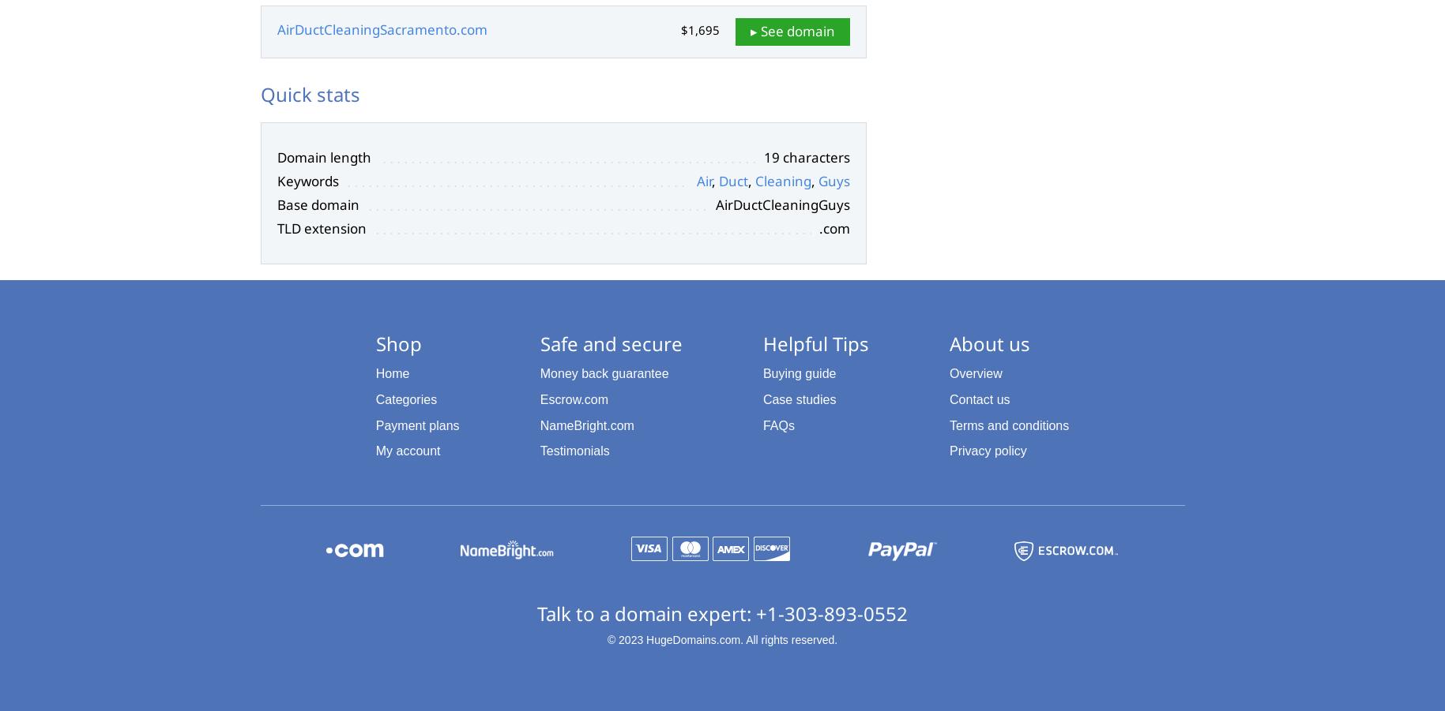 The height and width of the screenshot is (711, 1445). I want to click on 'FAQs', so click(762, 425).